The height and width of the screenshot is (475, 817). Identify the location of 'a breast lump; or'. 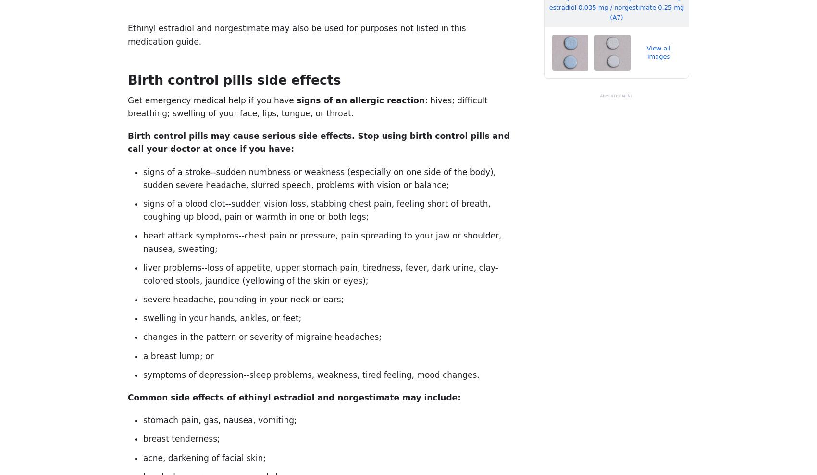
(177, 356).